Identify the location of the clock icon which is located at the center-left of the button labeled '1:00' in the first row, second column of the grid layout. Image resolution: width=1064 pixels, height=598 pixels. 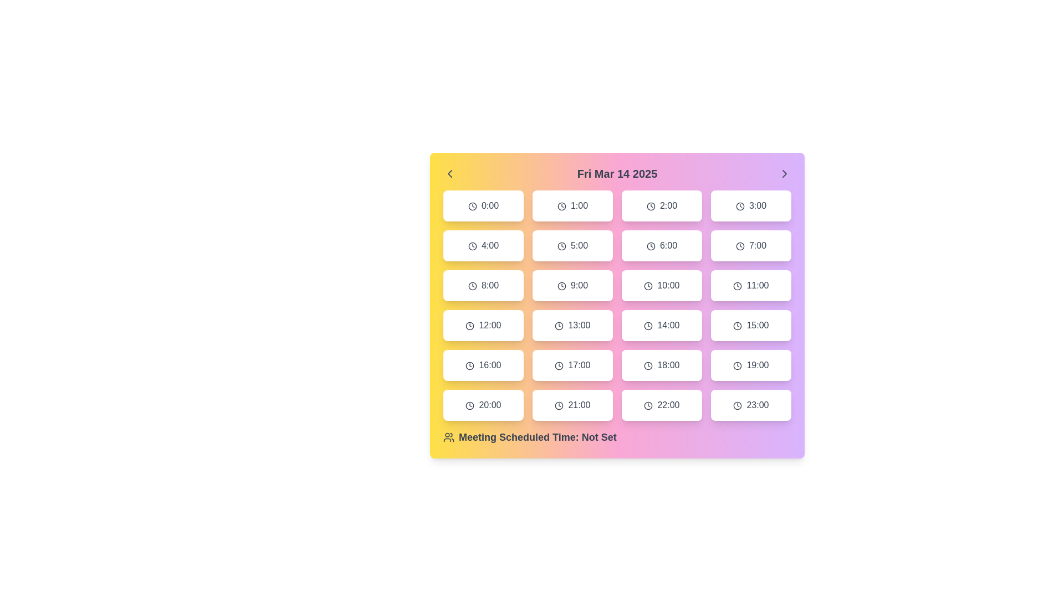
(561, 206).